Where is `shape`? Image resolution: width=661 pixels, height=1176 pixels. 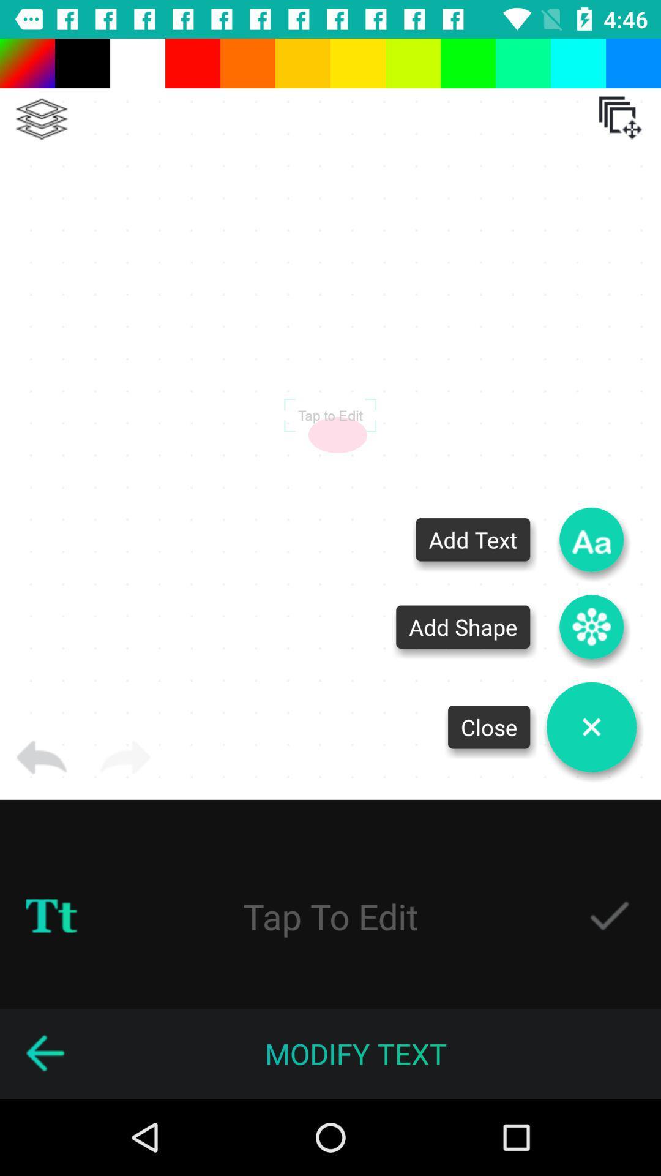
shape is located at coordinates (591, 627).